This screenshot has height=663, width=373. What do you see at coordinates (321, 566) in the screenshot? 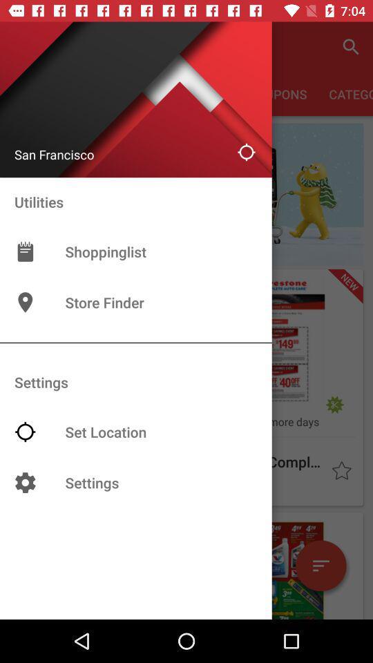
I see `the filter_list icon` at bounding box center [321, 566].